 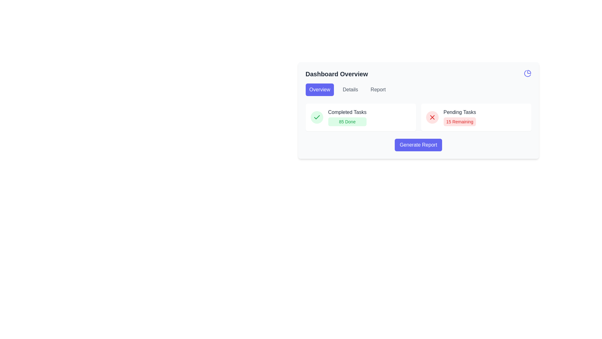 What do you see at coordinates (317, 117) in the screenshot?
I see `the visual confirmation icon located inside the 'Completed Tasks' box on the dashboard interface to indicate interaction with completed tasks` at bounding box center [317, 117].